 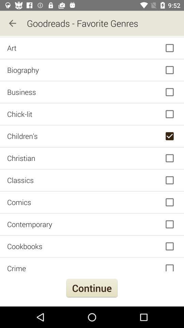 What do you see at coordinates (92, 47) in the screenshot?
I see `art` at bounding box center [92, 47].